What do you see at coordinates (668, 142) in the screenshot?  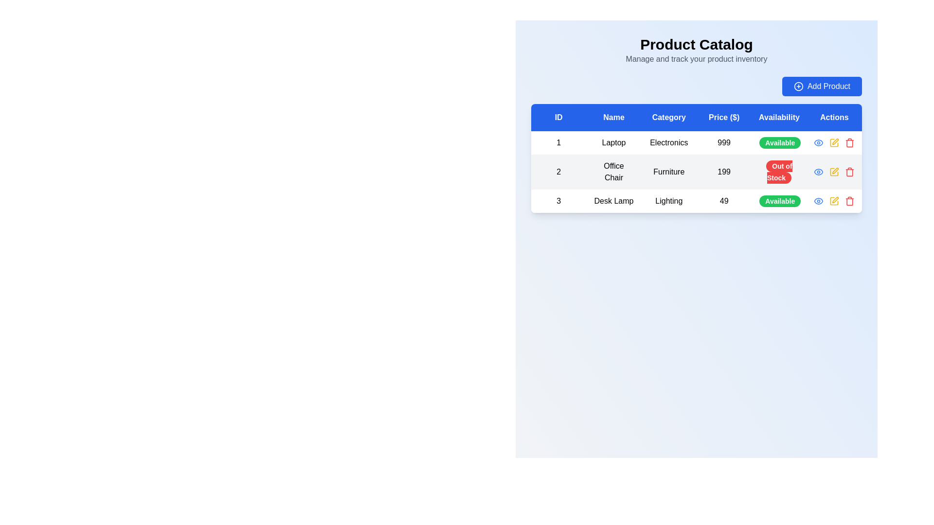 I see `the text label displaying 'Electronics', which is part of the table under the 'Category' column in the first row, associated with the entry for 'Laptop'` at bounding box center [668, 142].